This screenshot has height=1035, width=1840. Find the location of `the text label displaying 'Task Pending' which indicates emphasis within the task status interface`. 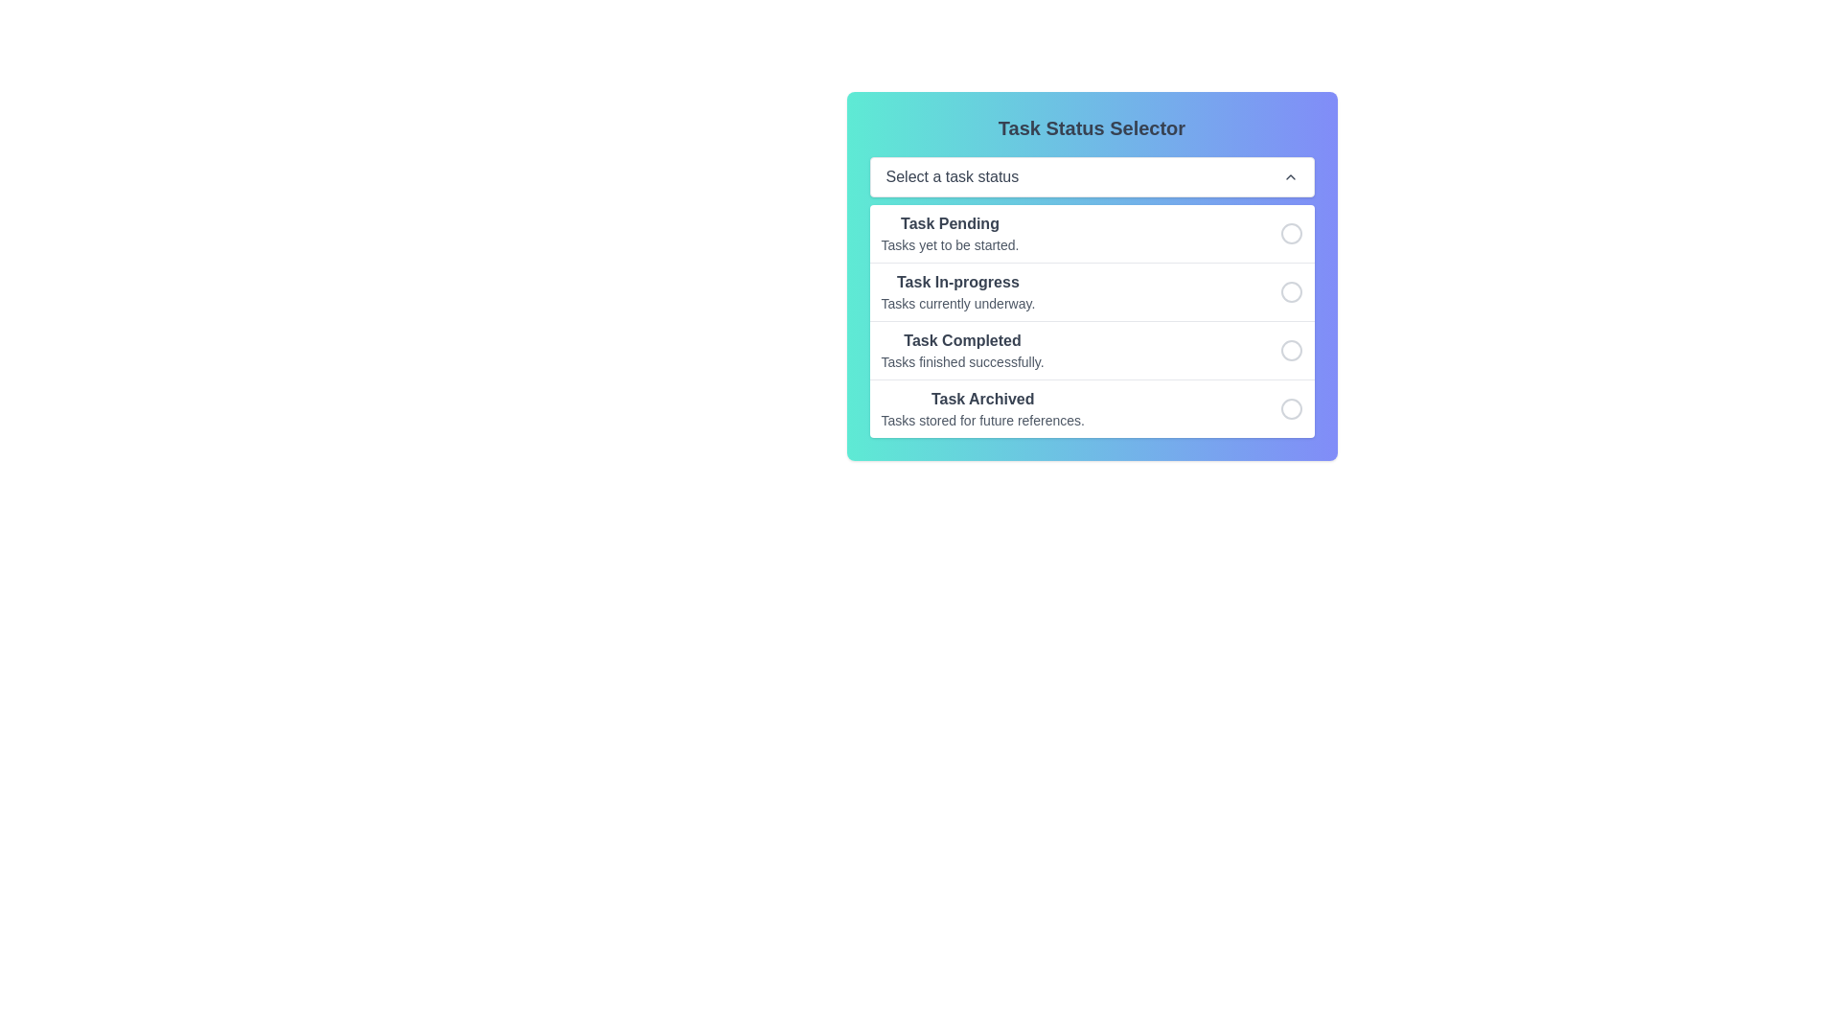

the text label displaying 'Task Pending' which indicates emphasis within the task status interface is located at coordinates (950, 223).